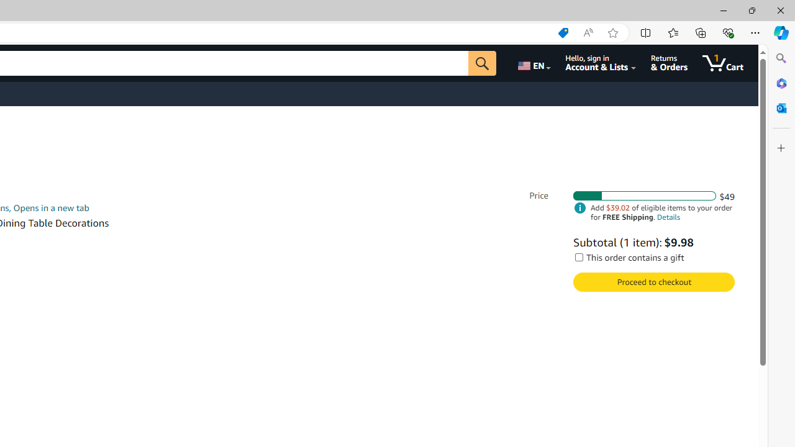 Image resolution: width=795 pixels, height=447 pixels. I want to click on 'Hello, sign in Account & Lists', so click(601, 63).